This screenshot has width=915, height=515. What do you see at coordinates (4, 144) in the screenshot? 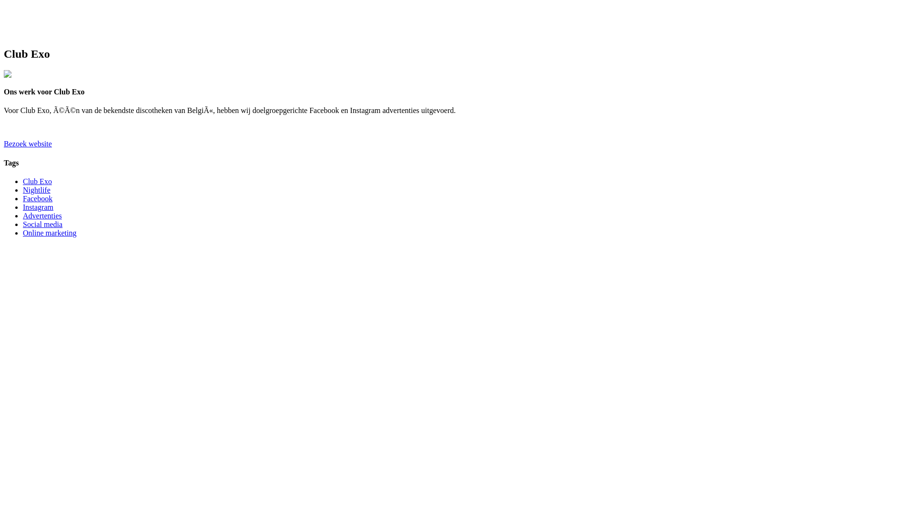
I see `'Bezoek website'` at bounding box center [4, 144].